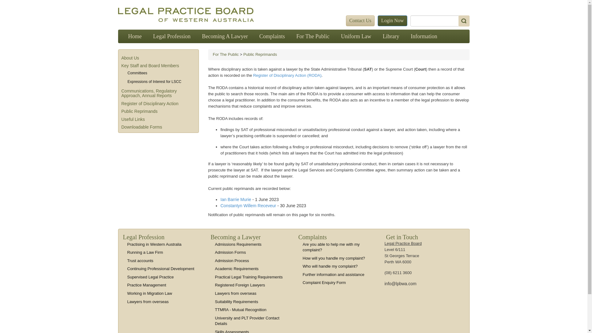 The image size is (592, 333). What do you see at coordinates (236, 268) in the screenshot?
I see `'Academic Requirements'` at bounding box center [236, 268].